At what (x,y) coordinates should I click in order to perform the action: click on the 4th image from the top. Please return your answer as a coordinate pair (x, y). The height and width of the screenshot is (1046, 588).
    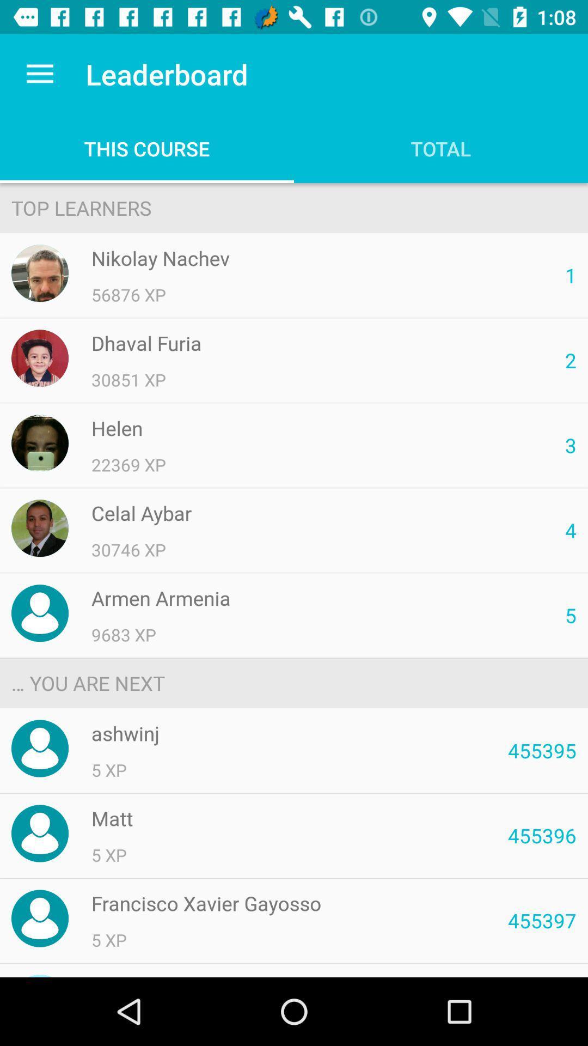
    Looking at the image, I should click on (39, 528).